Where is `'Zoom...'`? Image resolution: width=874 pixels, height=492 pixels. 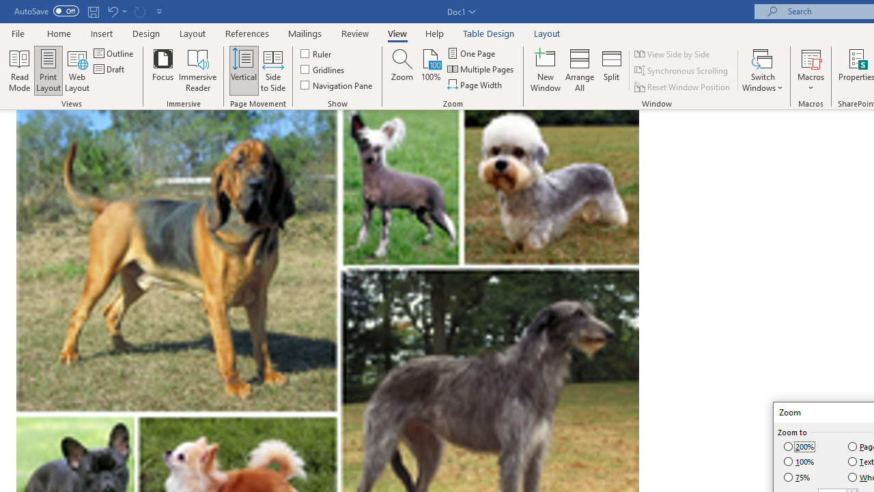 'Zoom...' is located at coordinates (401, 70).